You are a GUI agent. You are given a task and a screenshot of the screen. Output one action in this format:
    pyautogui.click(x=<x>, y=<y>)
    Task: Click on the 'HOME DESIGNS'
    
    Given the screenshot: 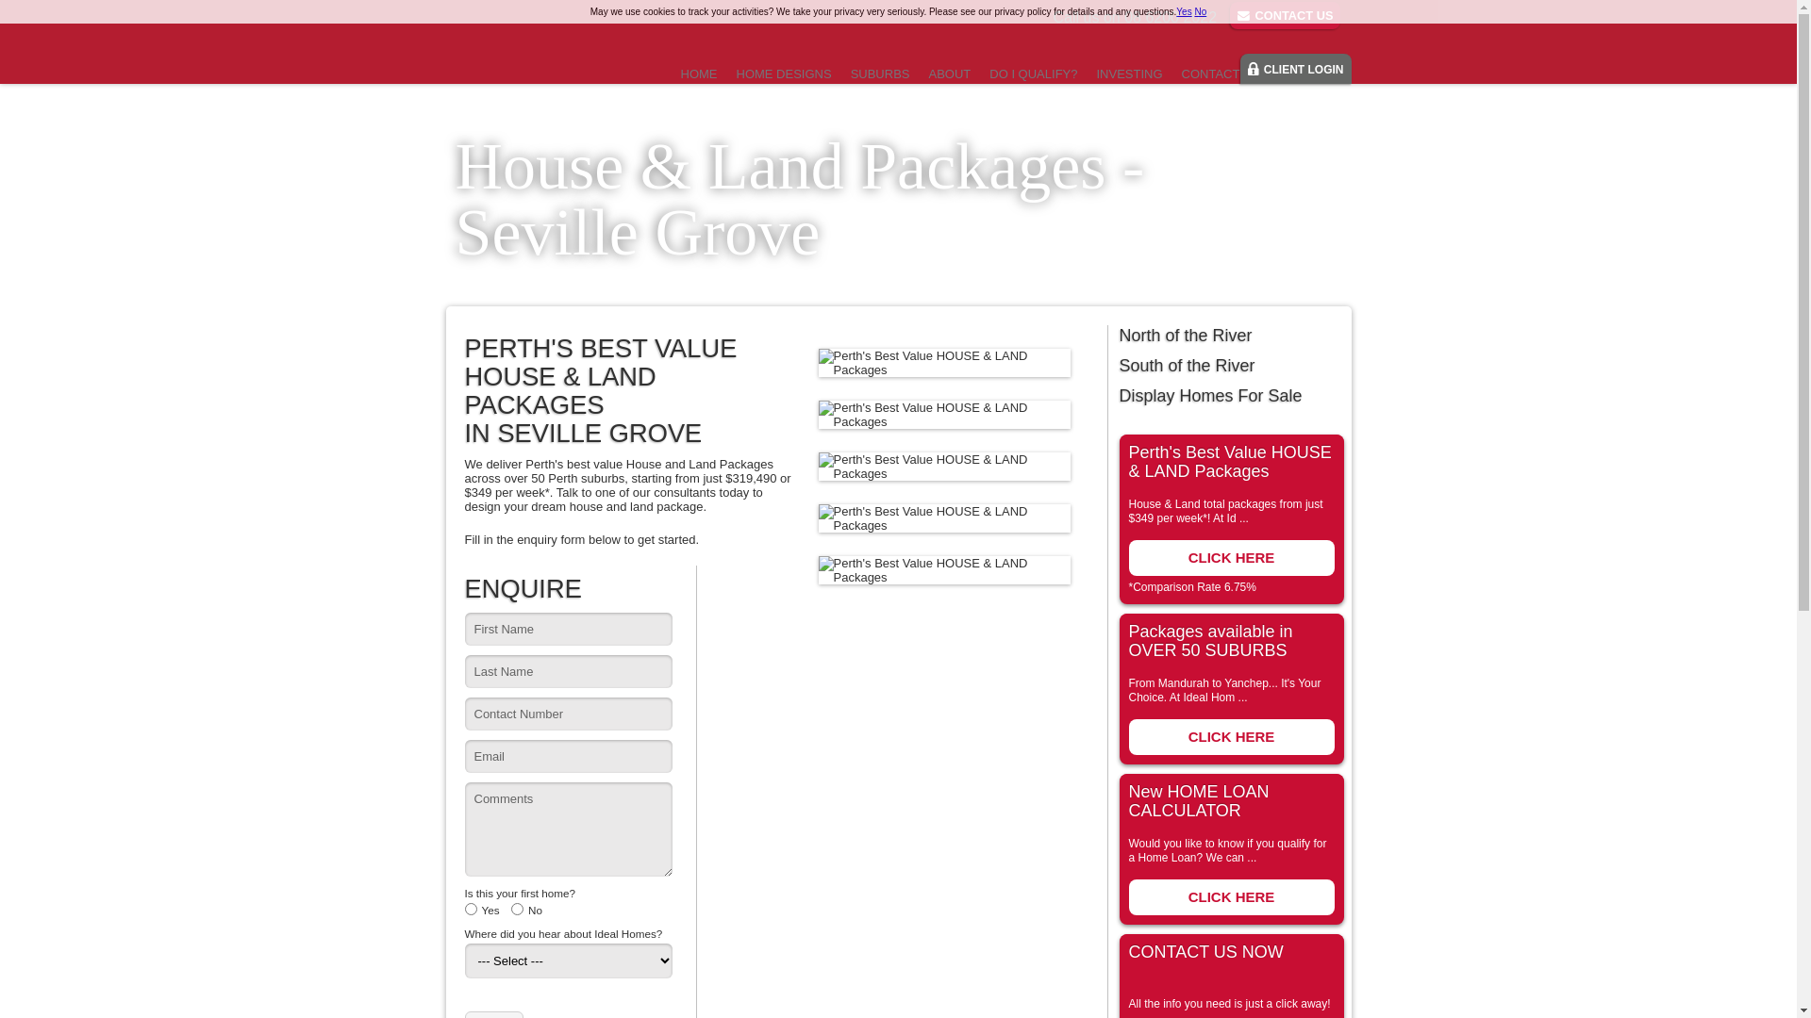 What is the action you would take?
    pyautogui.click(x=783, y=73)
    